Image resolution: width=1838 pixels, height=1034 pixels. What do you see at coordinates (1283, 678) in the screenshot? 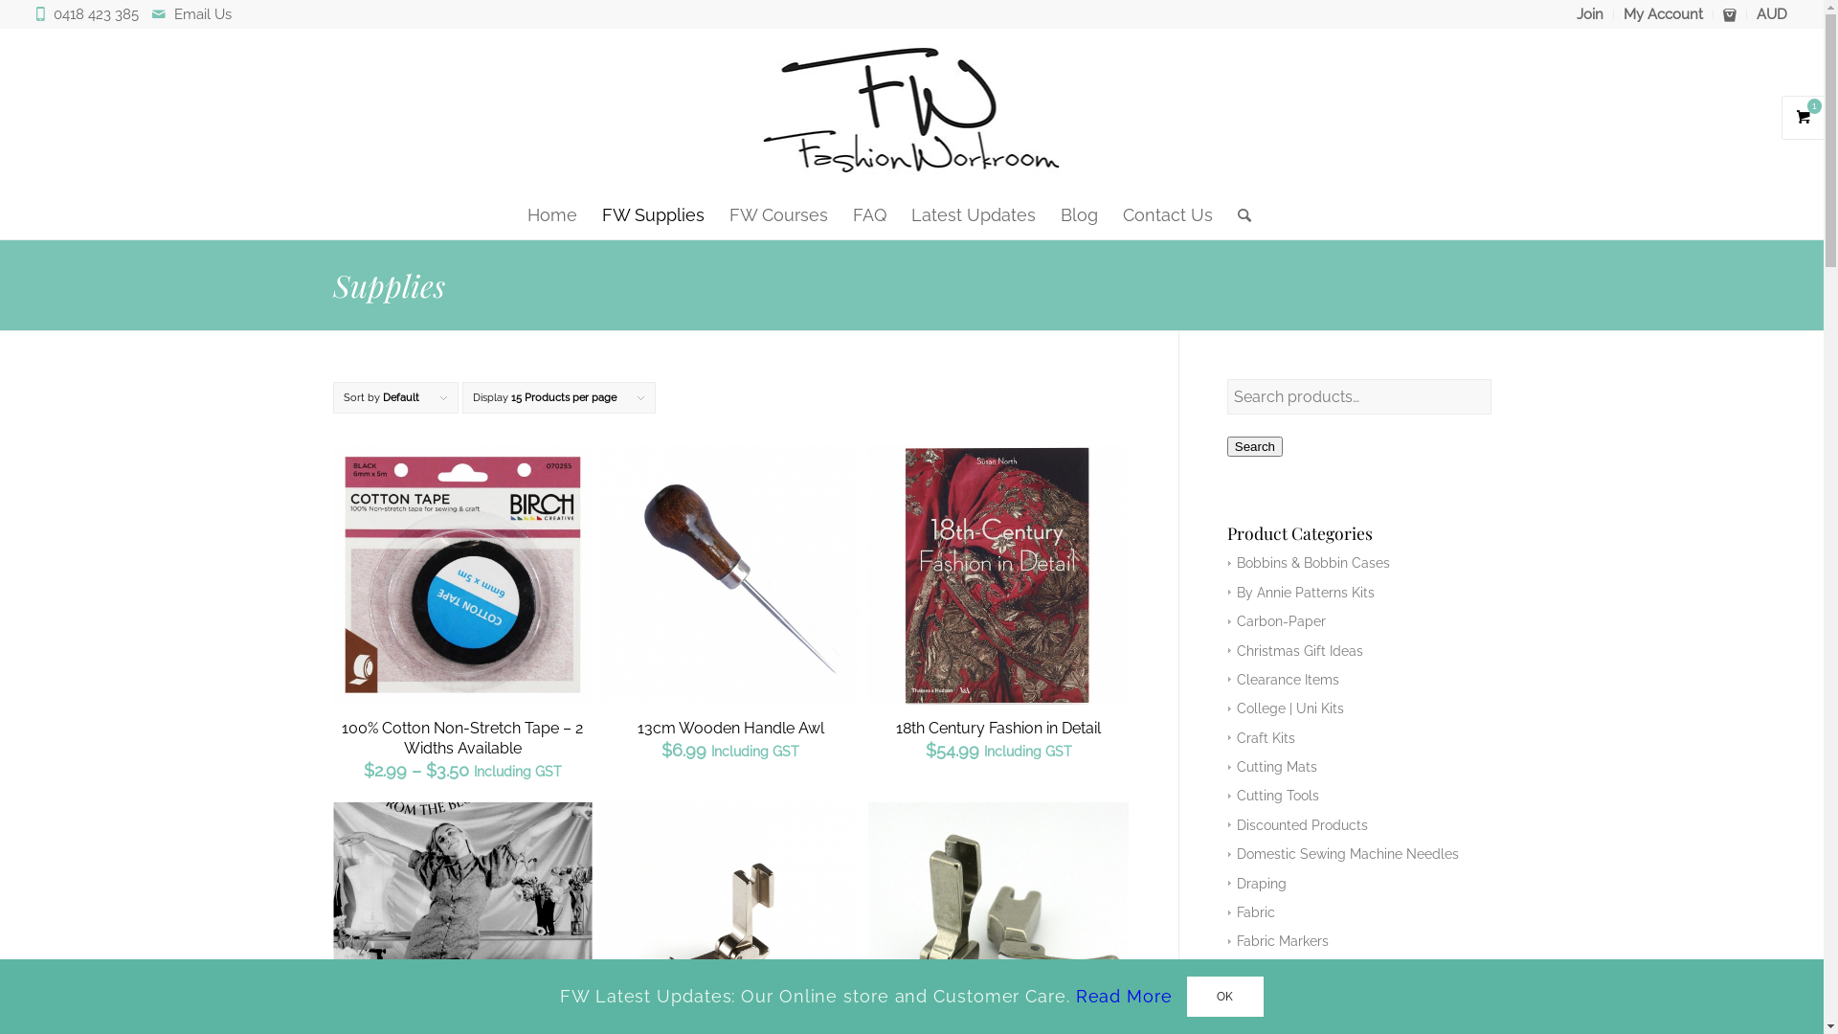
I see `'Clearance Items'` at bounding box center [1283, 678].